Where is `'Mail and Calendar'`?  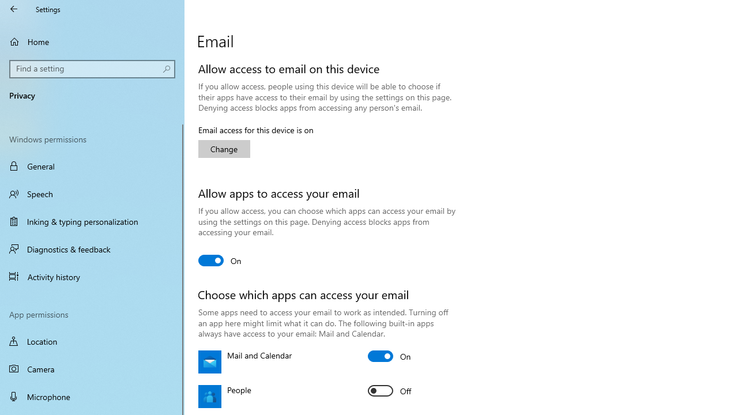 'Mail and Calendar' is located at coordinates (389, 356).